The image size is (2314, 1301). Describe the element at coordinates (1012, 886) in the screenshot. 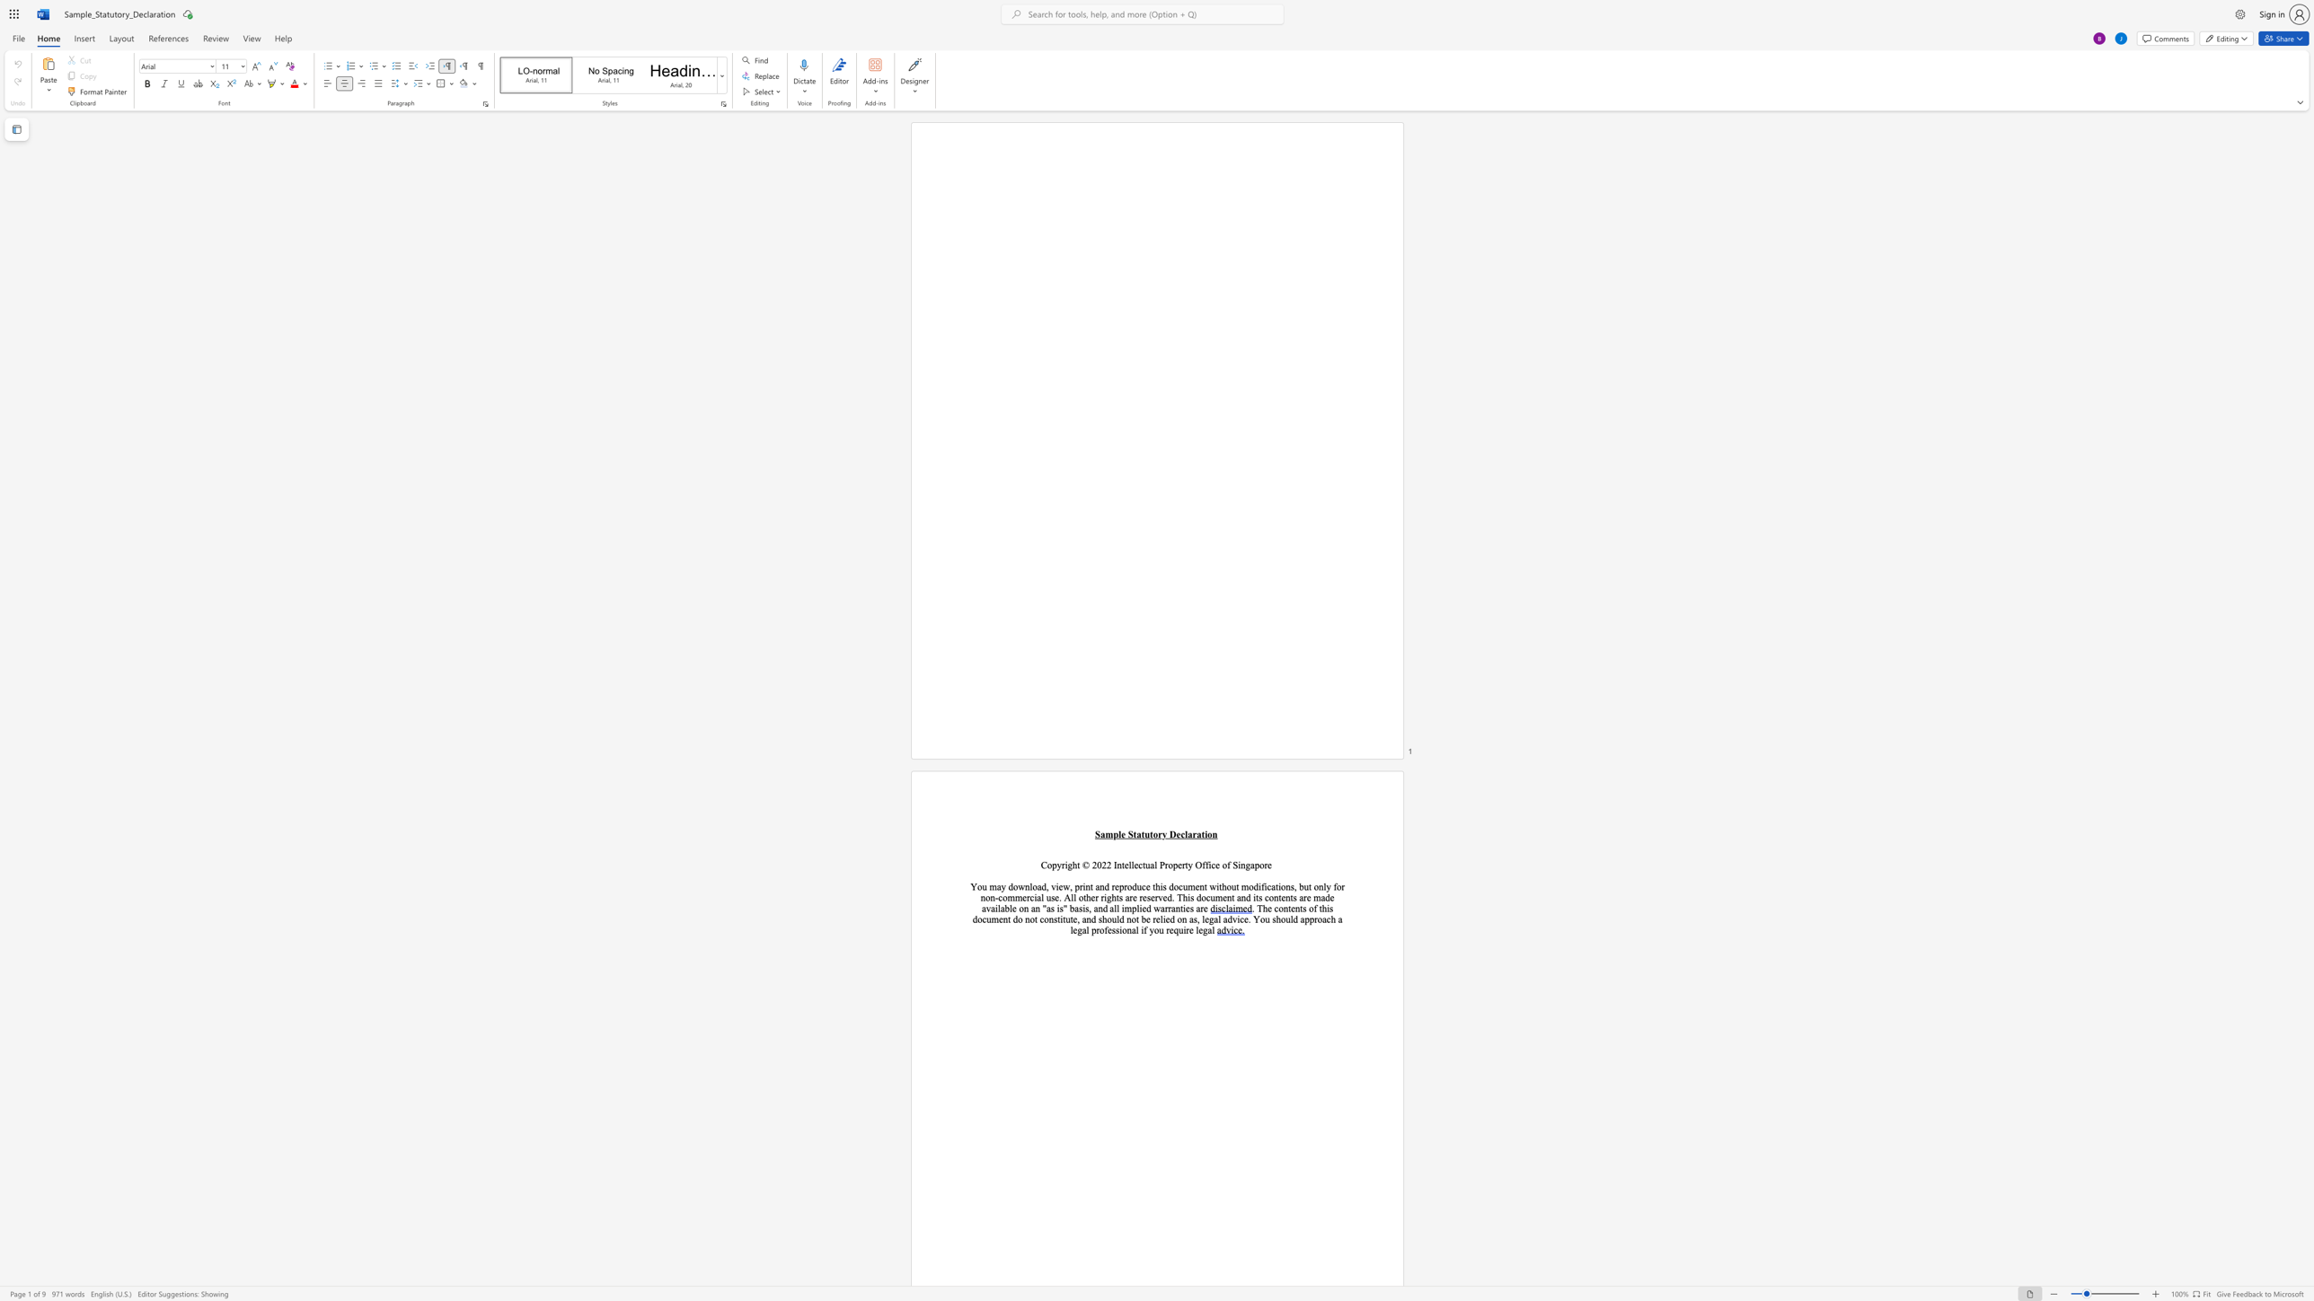

I see `the subset text "ownload, view, print and reproduce this document without modifications," within the text "You may download, view, print and reproduce this document without modifications, but only for non-commercial use. All other rights are reserved. This document and its contents are made available on an"` at that location.